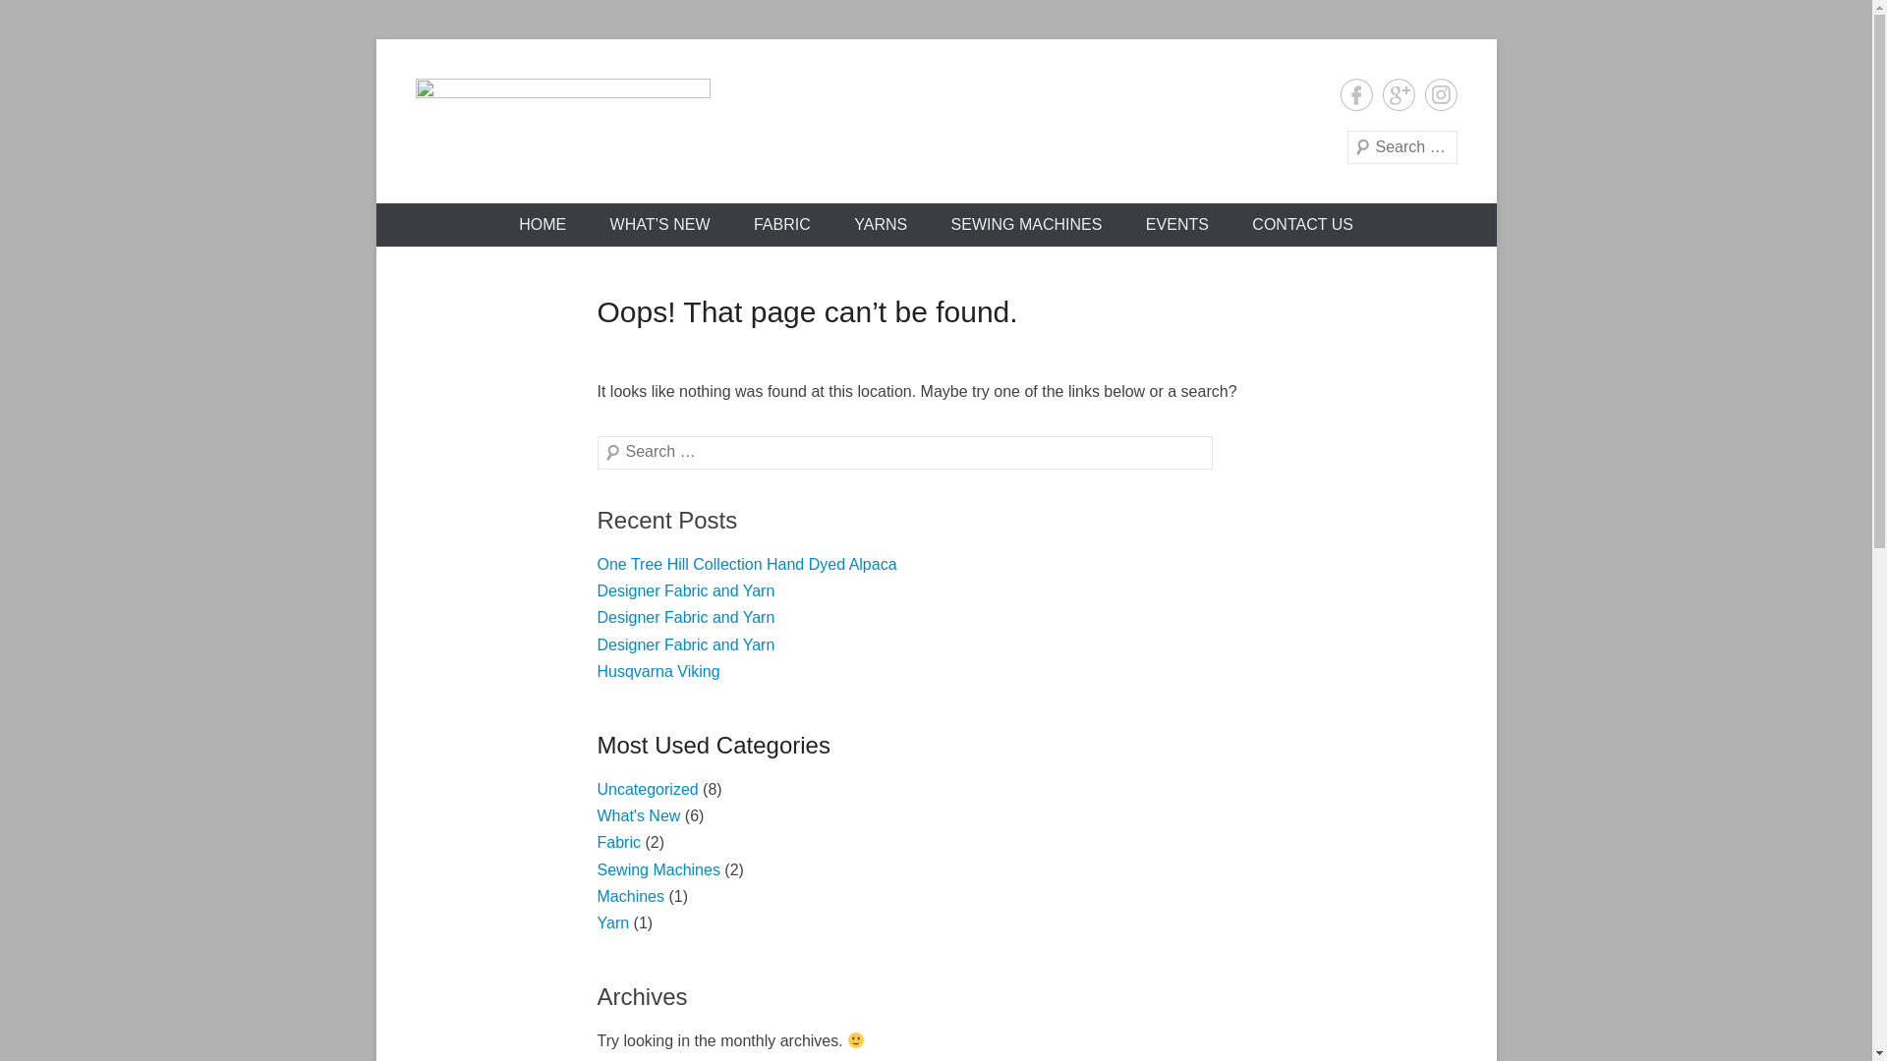 The width and height of the screenshot is (1887, 1061). Describe the element at coordinates (1302, 223) in the screenshot. I see `'CONTACT US'` at that location.